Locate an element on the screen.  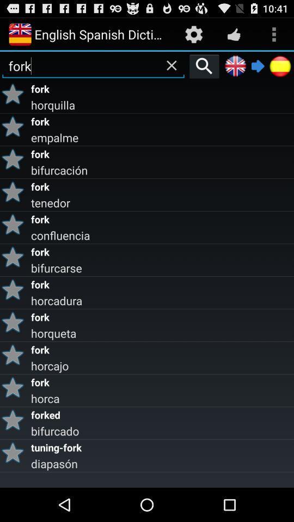
the search icon is located at coordinates (204, 70).